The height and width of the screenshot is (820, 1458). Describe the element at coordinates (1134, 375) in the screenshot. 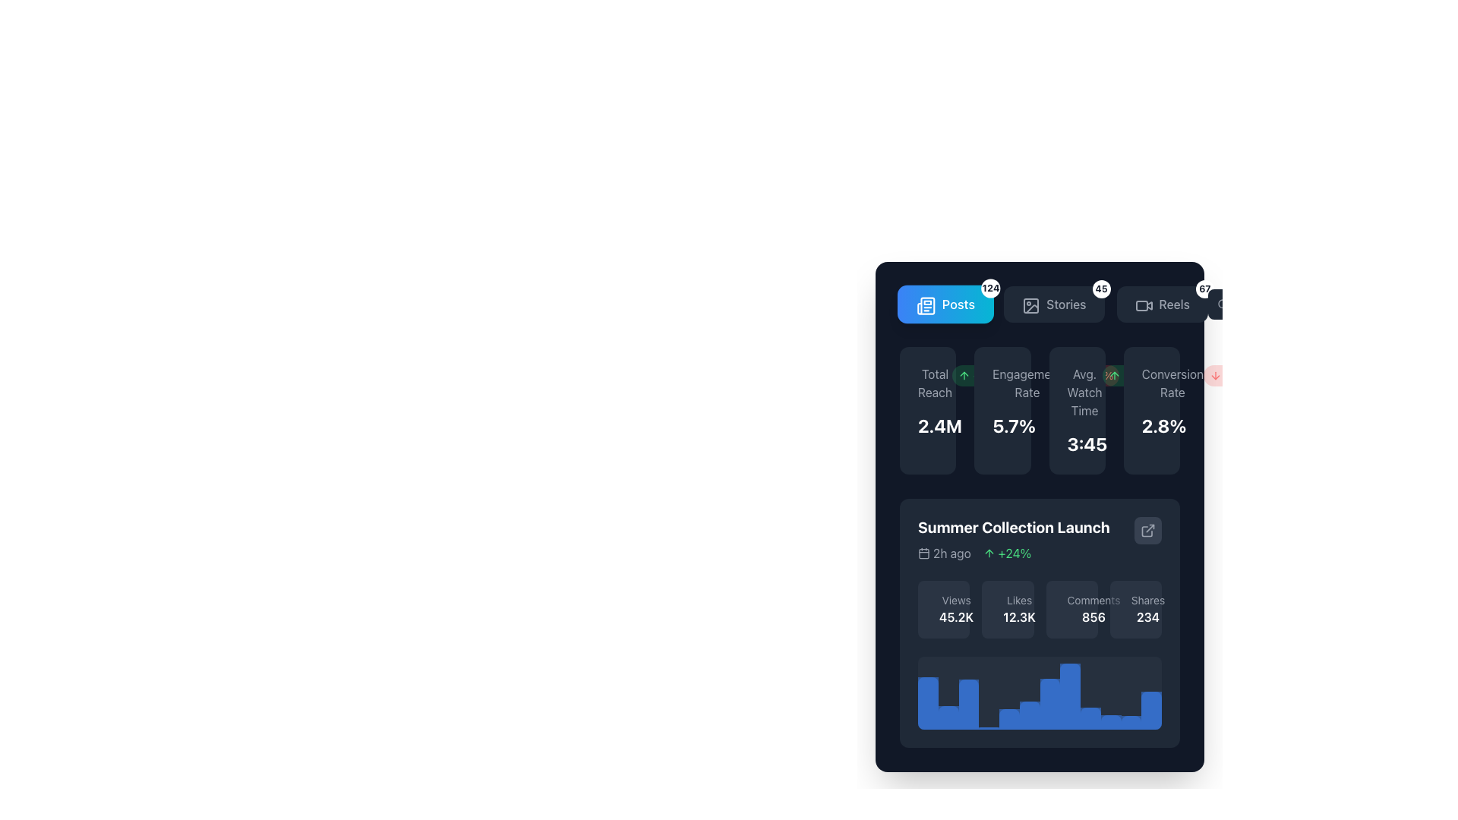

I see `the small rectangular badge with rounded corners that has a light green background and the text '+12.5%' in bold green font, indicating growth, located within the 'Avg. Watch Time' card` at that location.